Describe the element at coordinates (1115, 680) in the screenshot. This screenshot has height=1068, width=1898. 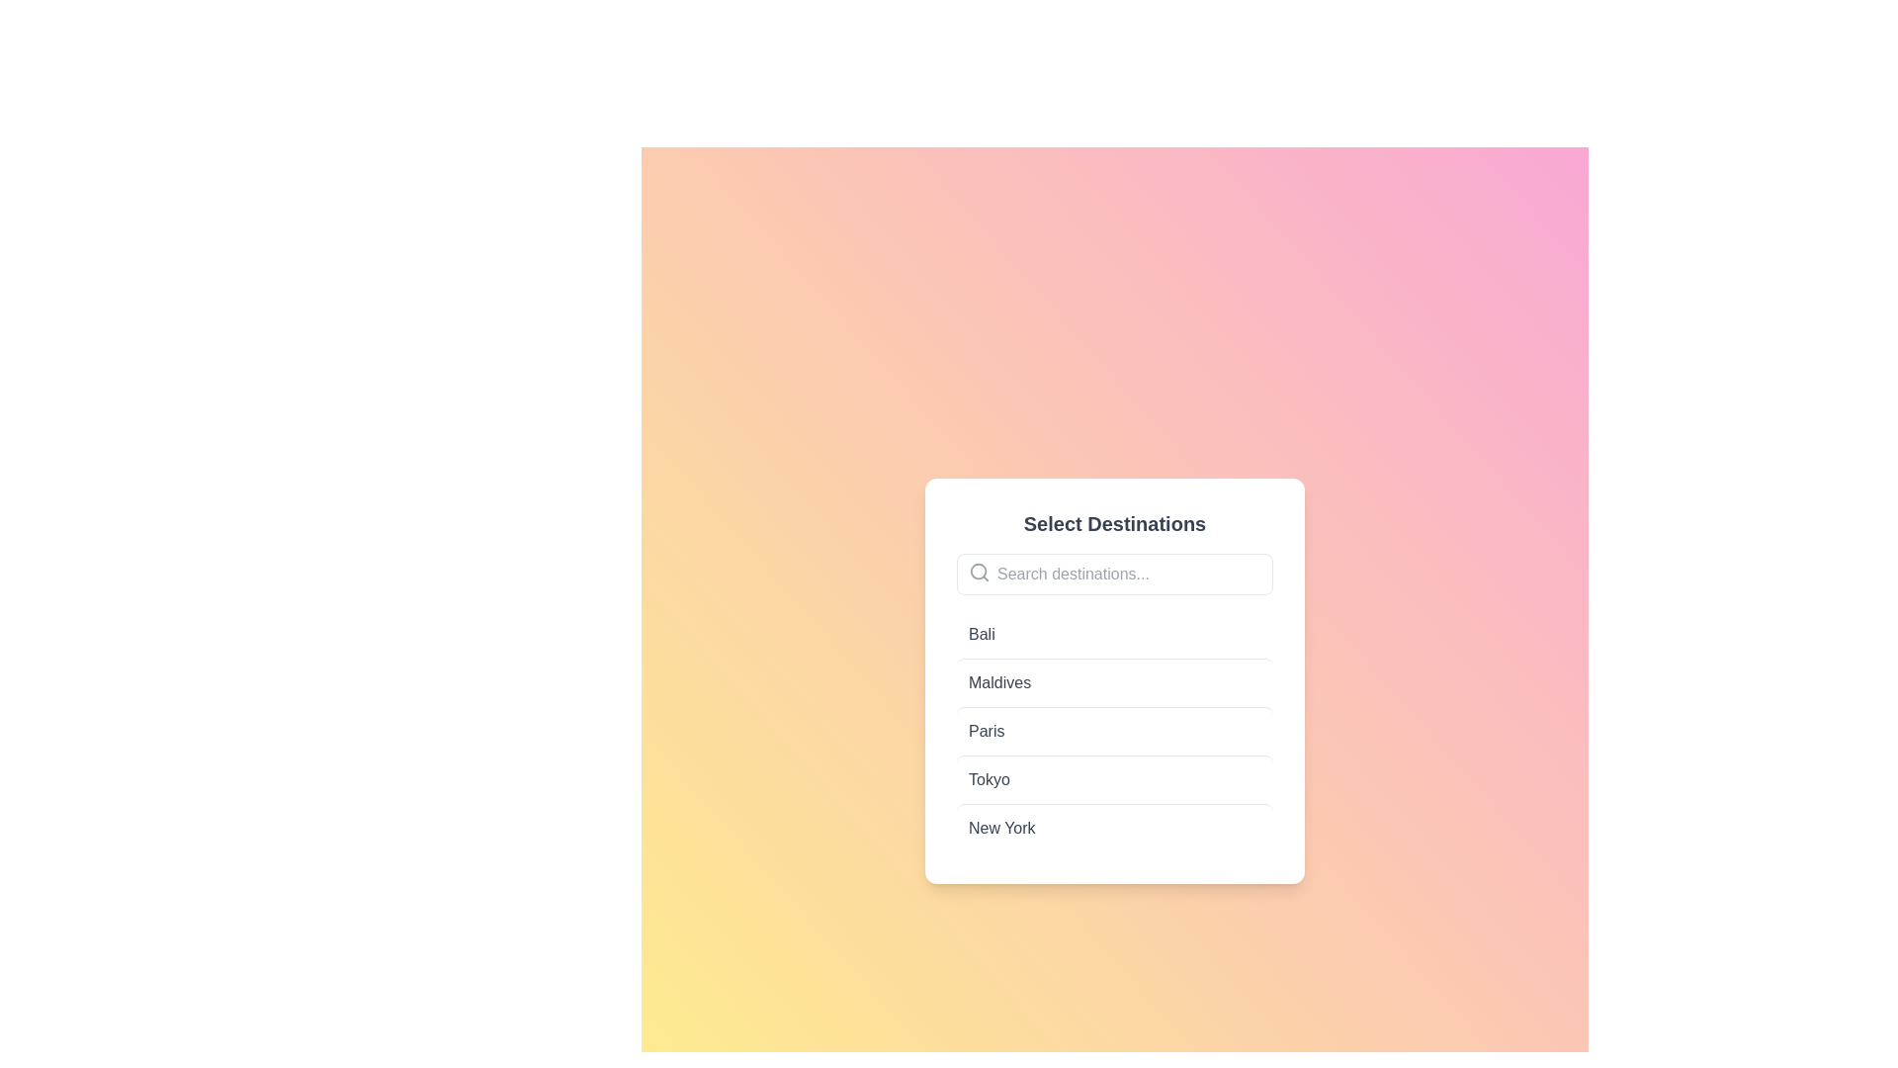
I see `the second list item representing 'Maldives' in the vertical list of selectable destinations` at that location.